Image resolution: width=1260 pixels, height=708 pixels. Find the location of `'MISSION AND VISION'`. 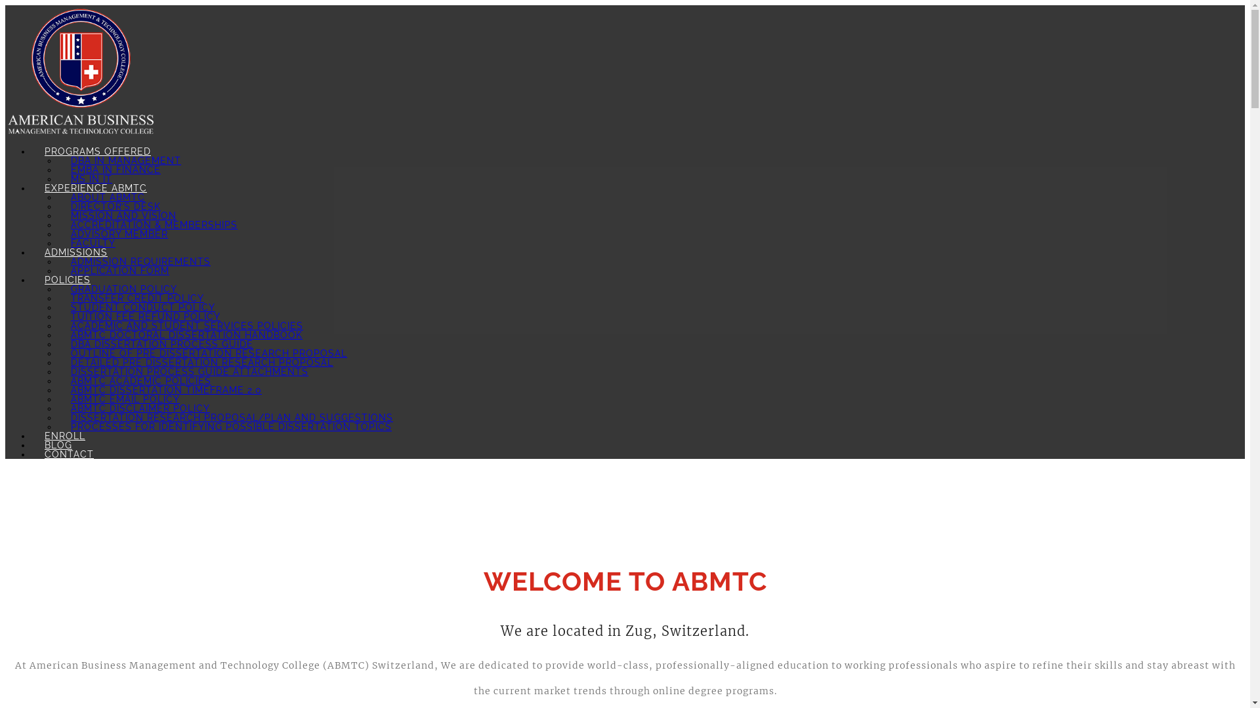

'MISSION AND VISION' is located at coordinates (123, 214).